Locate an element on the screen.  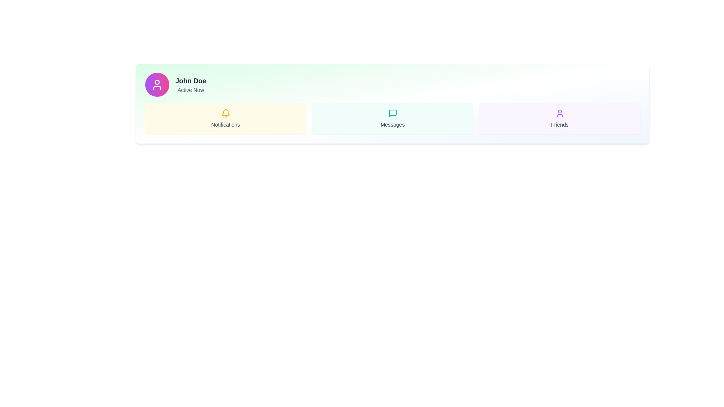
the yellow bell icon located in the center of the 'Notifications' card to interact with notifications is located at coordinates (225, 113).